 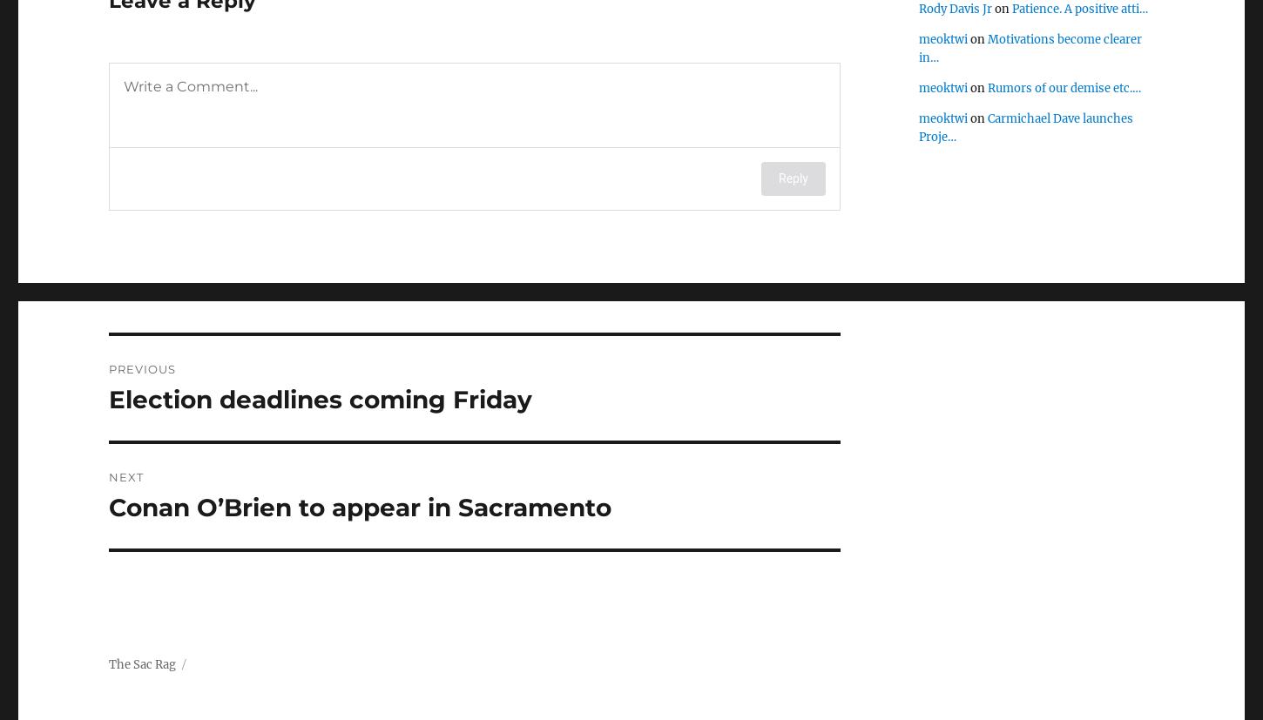 I want to click on 'Election deadlines coming Friday', so click(x=107, y=398).